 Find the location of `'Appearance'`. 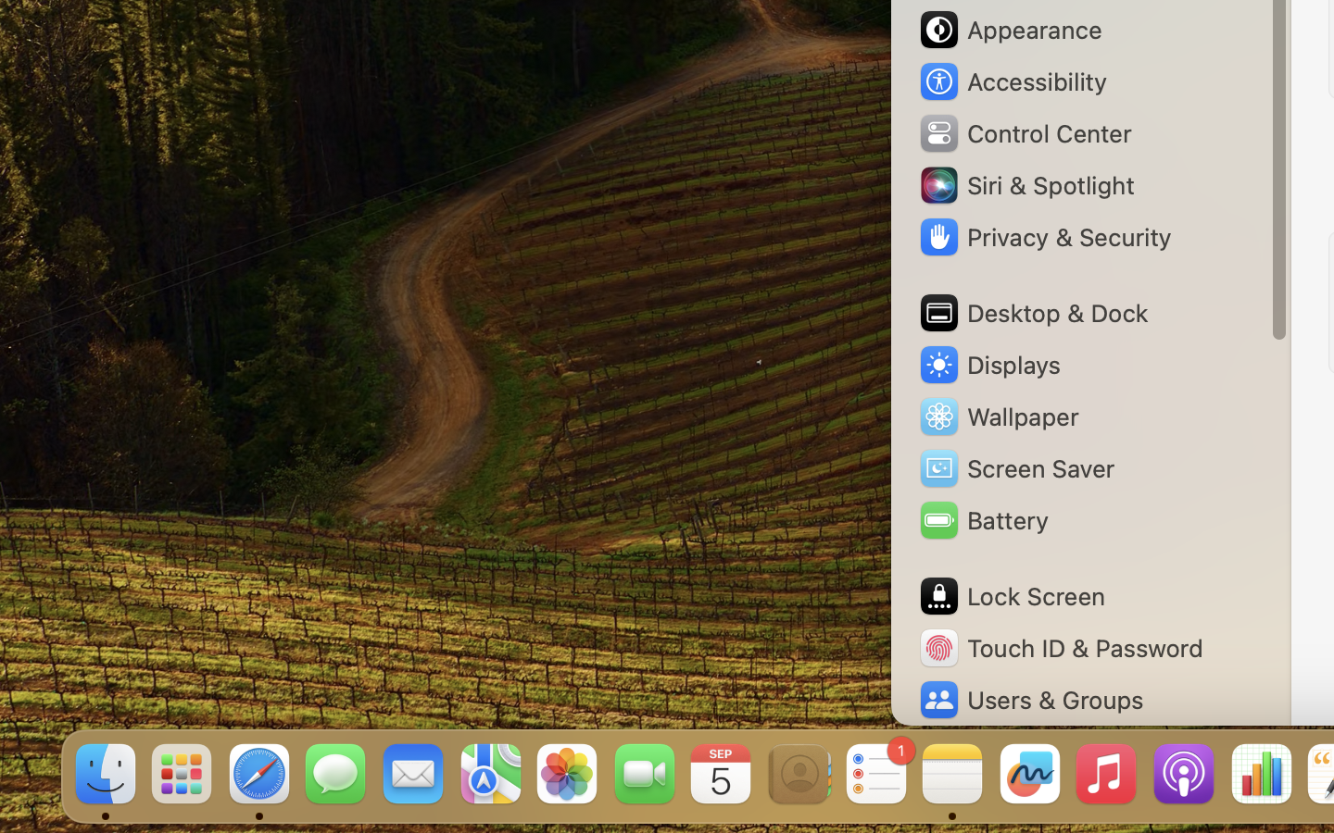

'Appearance' is located at coordinates (1008, 29).